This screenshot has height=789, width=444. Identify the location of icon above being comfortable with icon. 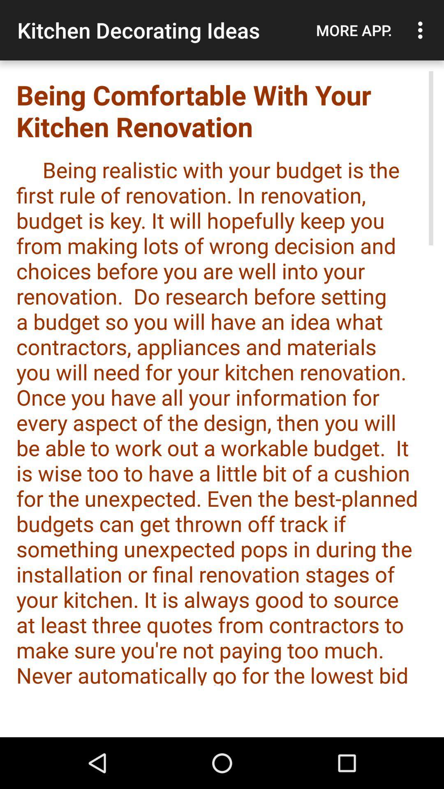
(422, 30).